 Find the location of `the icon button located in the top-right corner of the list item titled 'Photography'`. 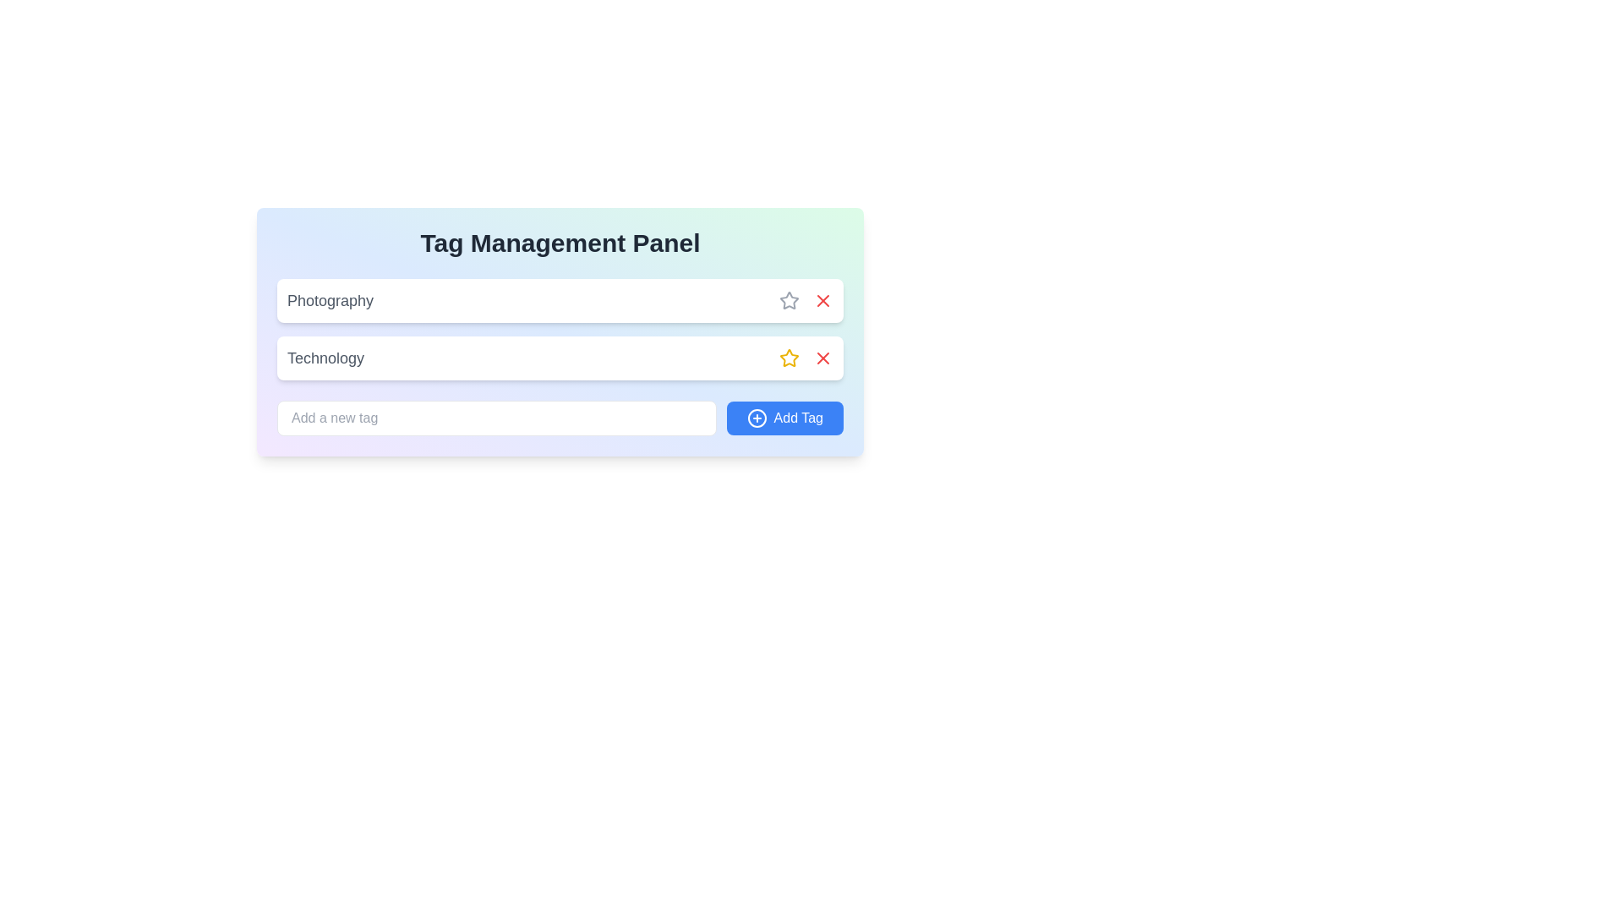

the icon button located in the top-right corner of the list item titled 'Photography' is located at coordinates (806, 299).